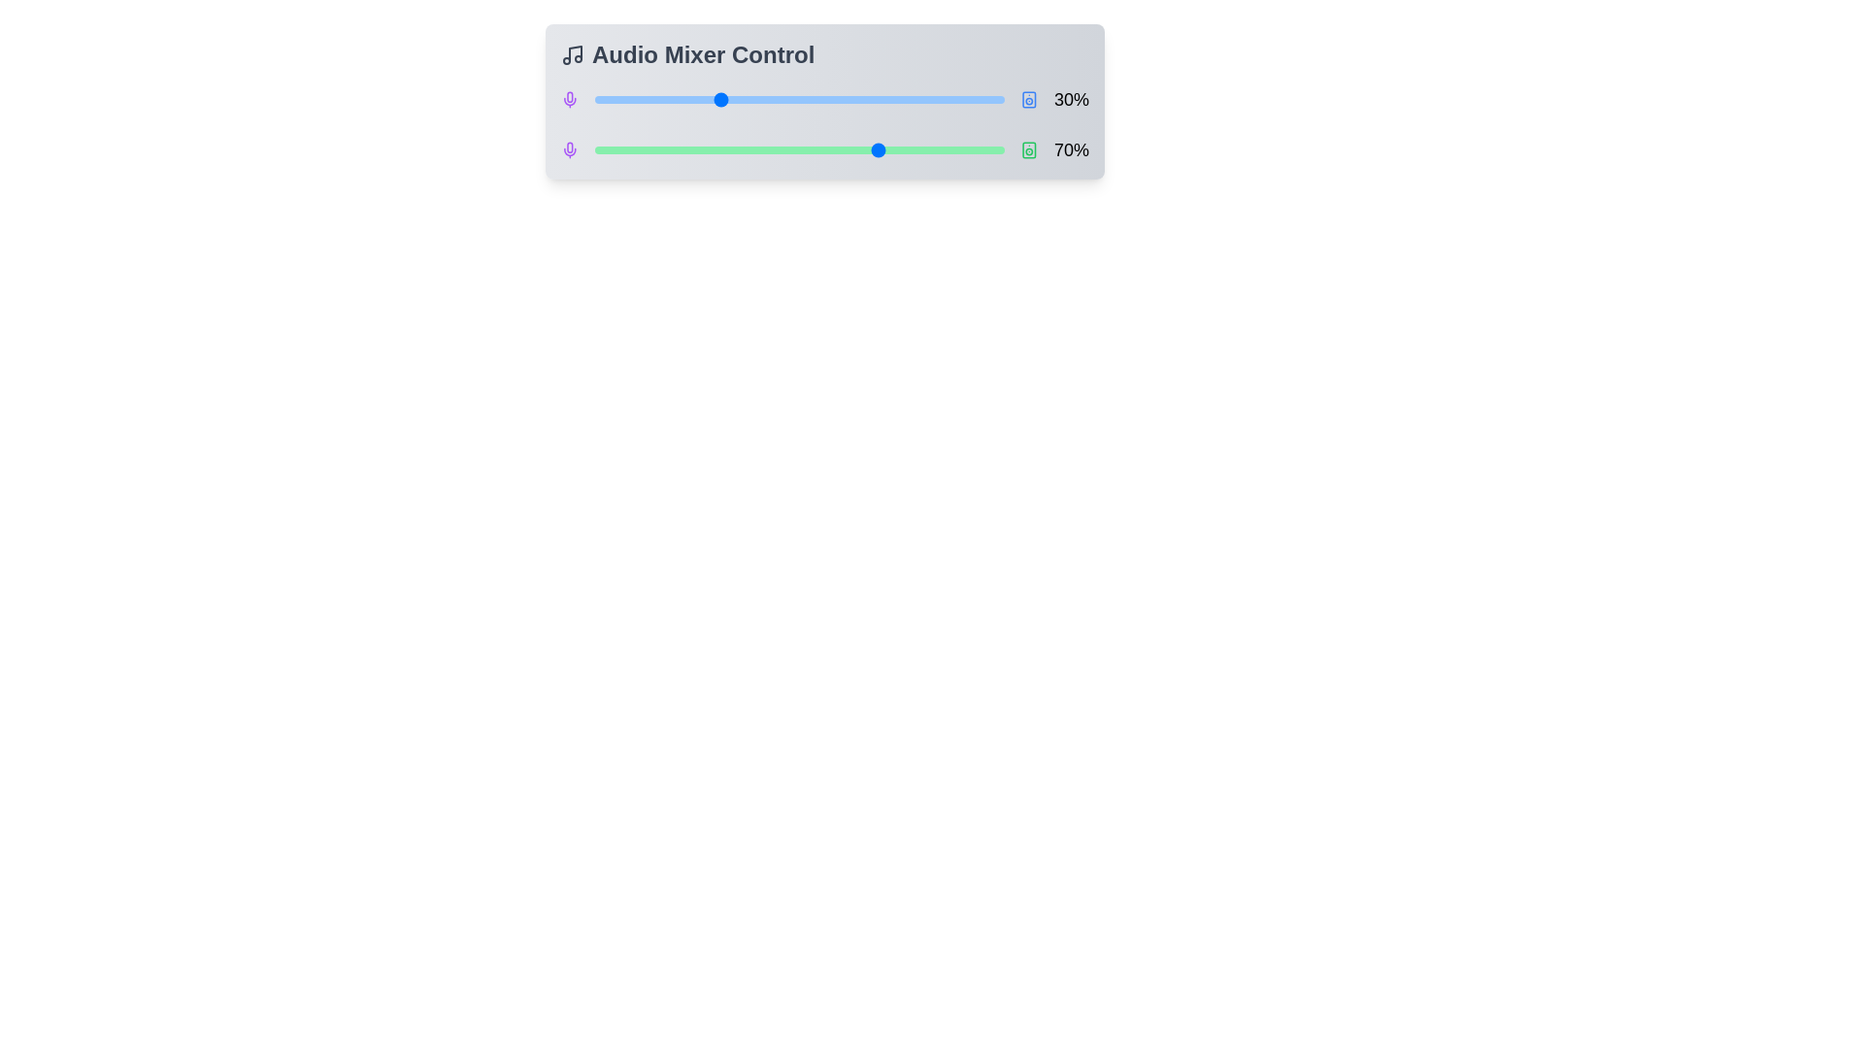 The height and width of the screenshot is (1048, 1864). I want to click on the green speaker icon styled as an SVG element located to the right of the '70%' text in the second row of the slider bar section, so click(1028, 148).